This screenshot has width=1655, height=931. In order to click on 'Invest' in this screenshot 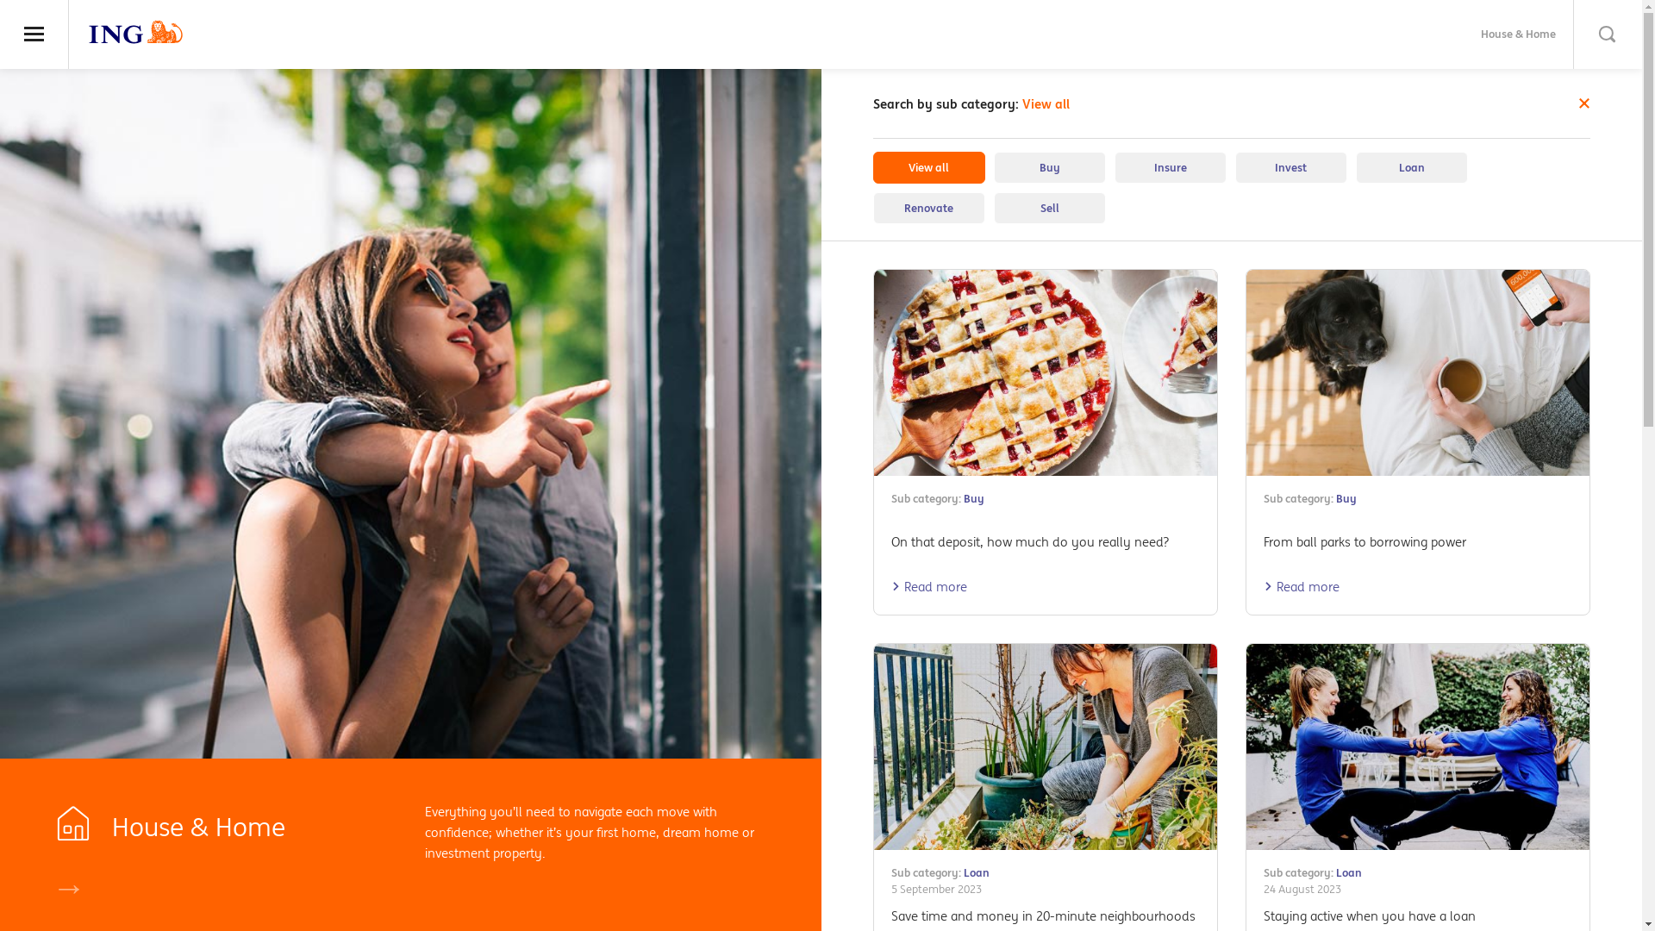, I will do `click(1290, 167)`.